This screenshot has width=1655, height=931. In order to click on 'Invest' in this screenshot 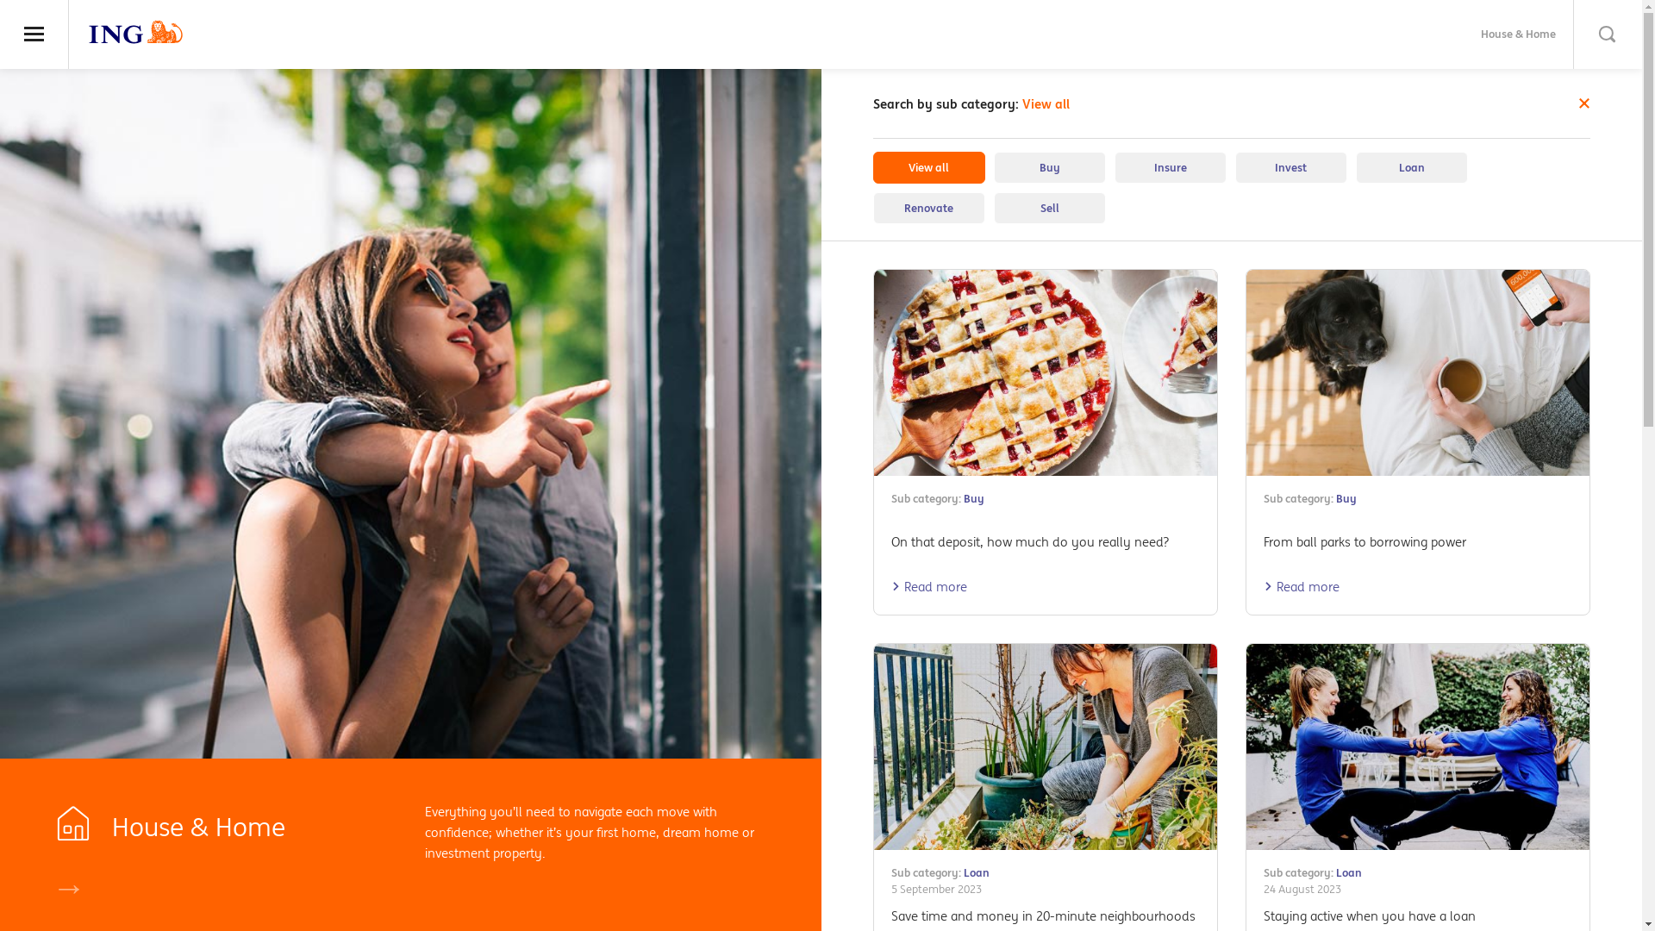, I will do `click(1290, 167)`.